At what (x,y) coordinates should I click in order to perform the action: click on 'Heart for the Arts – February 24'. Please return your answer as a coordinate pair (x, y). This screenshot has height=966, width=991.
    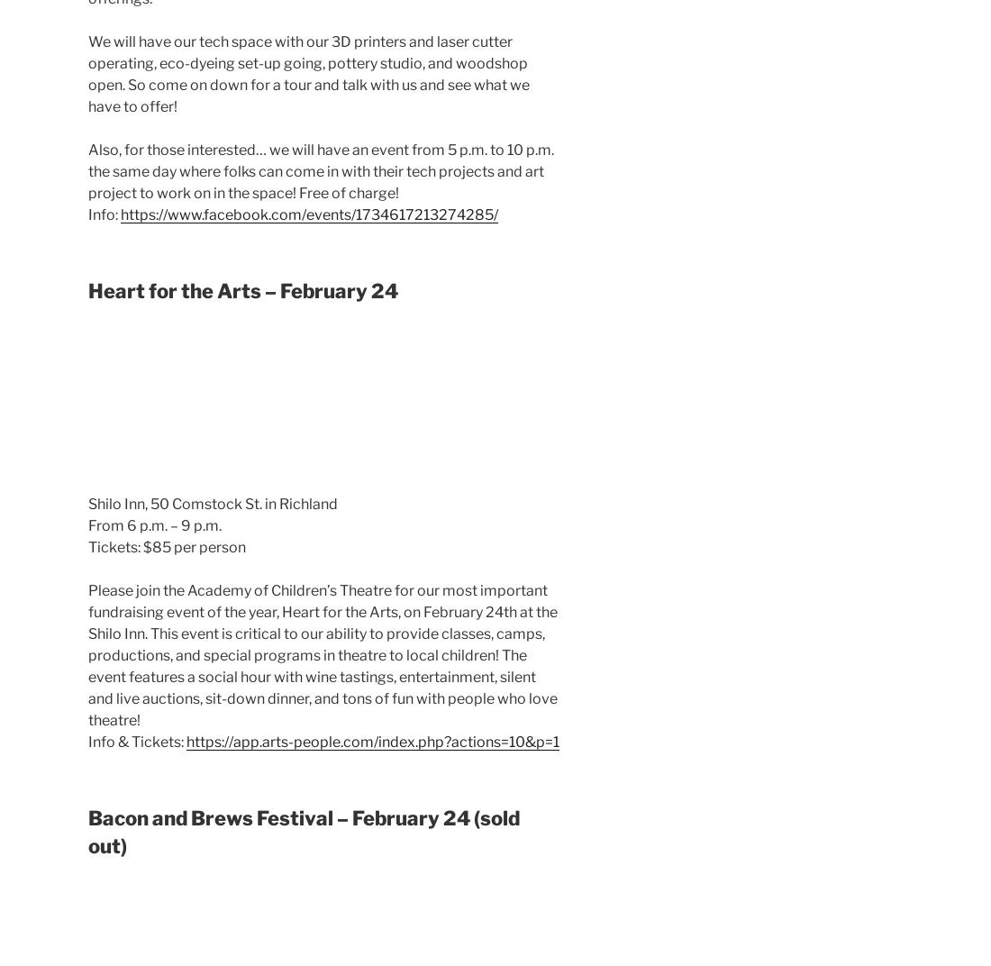
    Looking at the image, I should click on (243, 289).